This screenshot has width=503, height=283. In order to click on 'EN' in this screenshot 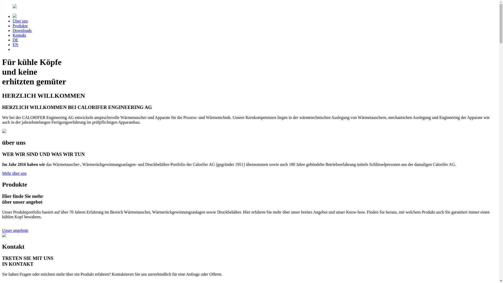, I will do `click(15, 44)`.